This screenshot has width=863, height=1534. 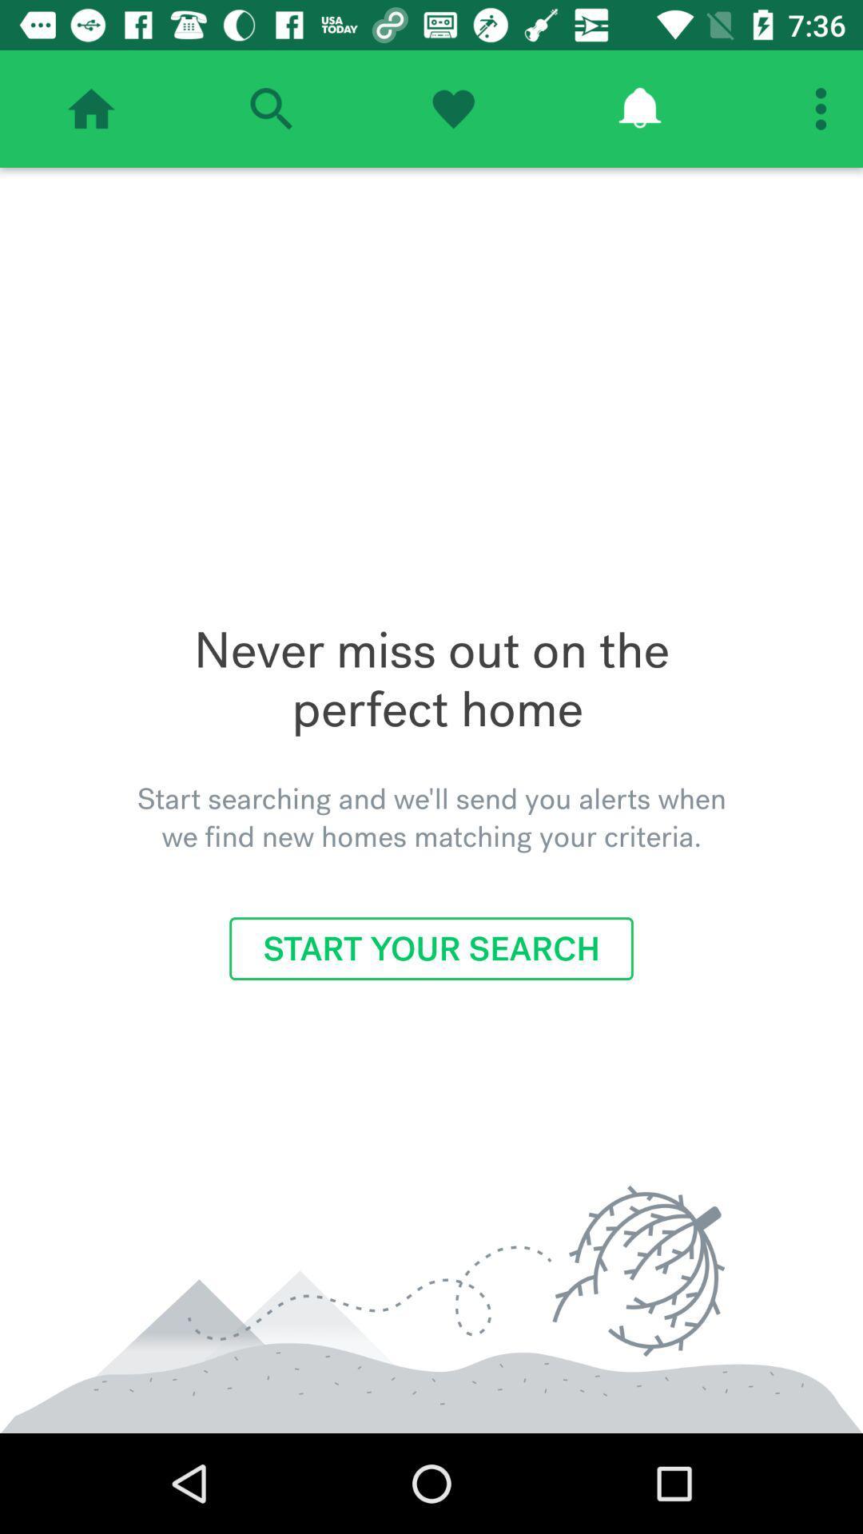 What do you see at coordinates (638, 108) in the screenshot?
I see `alerts page` at bounding box center [638, 108].